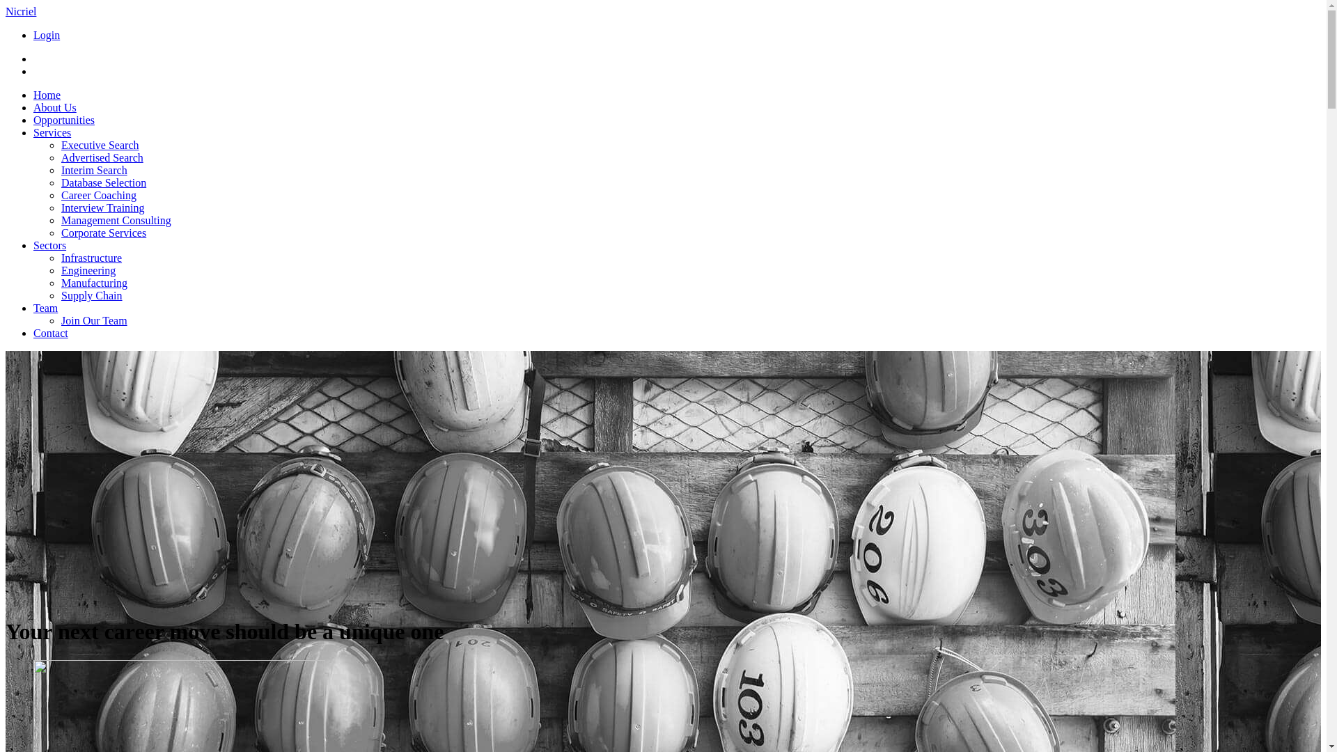  I want to click on 'Infrastructure', so click(91, 258).